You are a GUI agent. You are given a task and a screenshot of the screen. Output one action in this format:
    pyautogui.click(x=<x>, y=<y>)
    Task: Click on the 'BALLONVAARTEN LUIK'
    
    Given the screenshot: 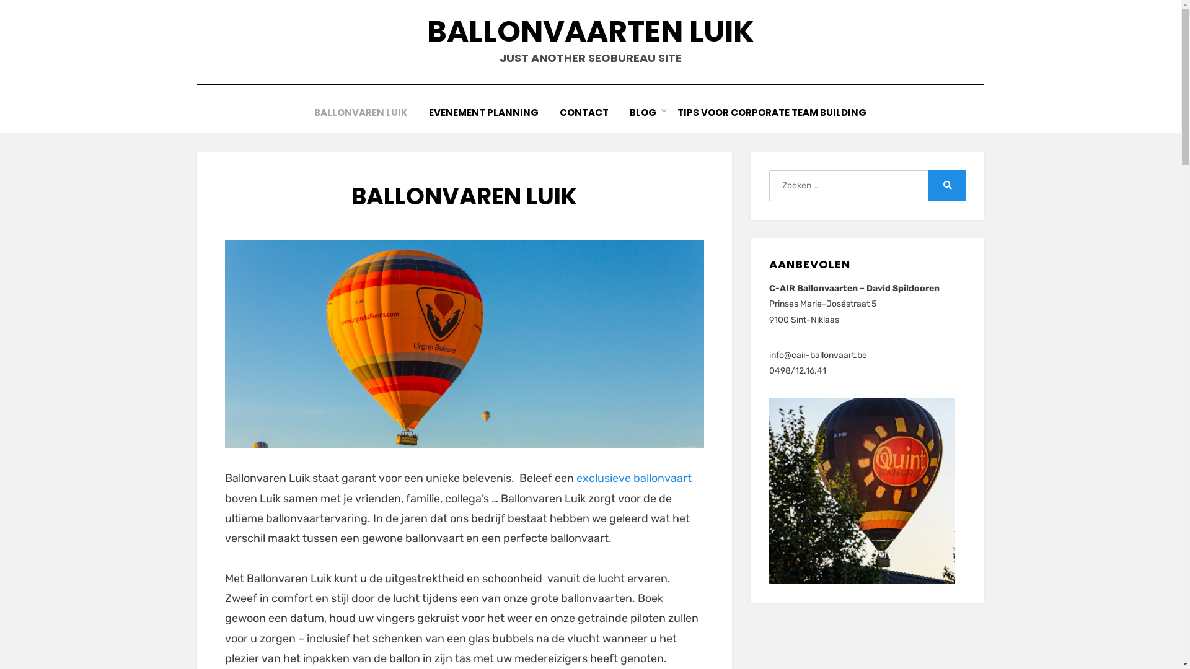 What is the action you would take?
    pyautogui.click(x=589, y=30)
    